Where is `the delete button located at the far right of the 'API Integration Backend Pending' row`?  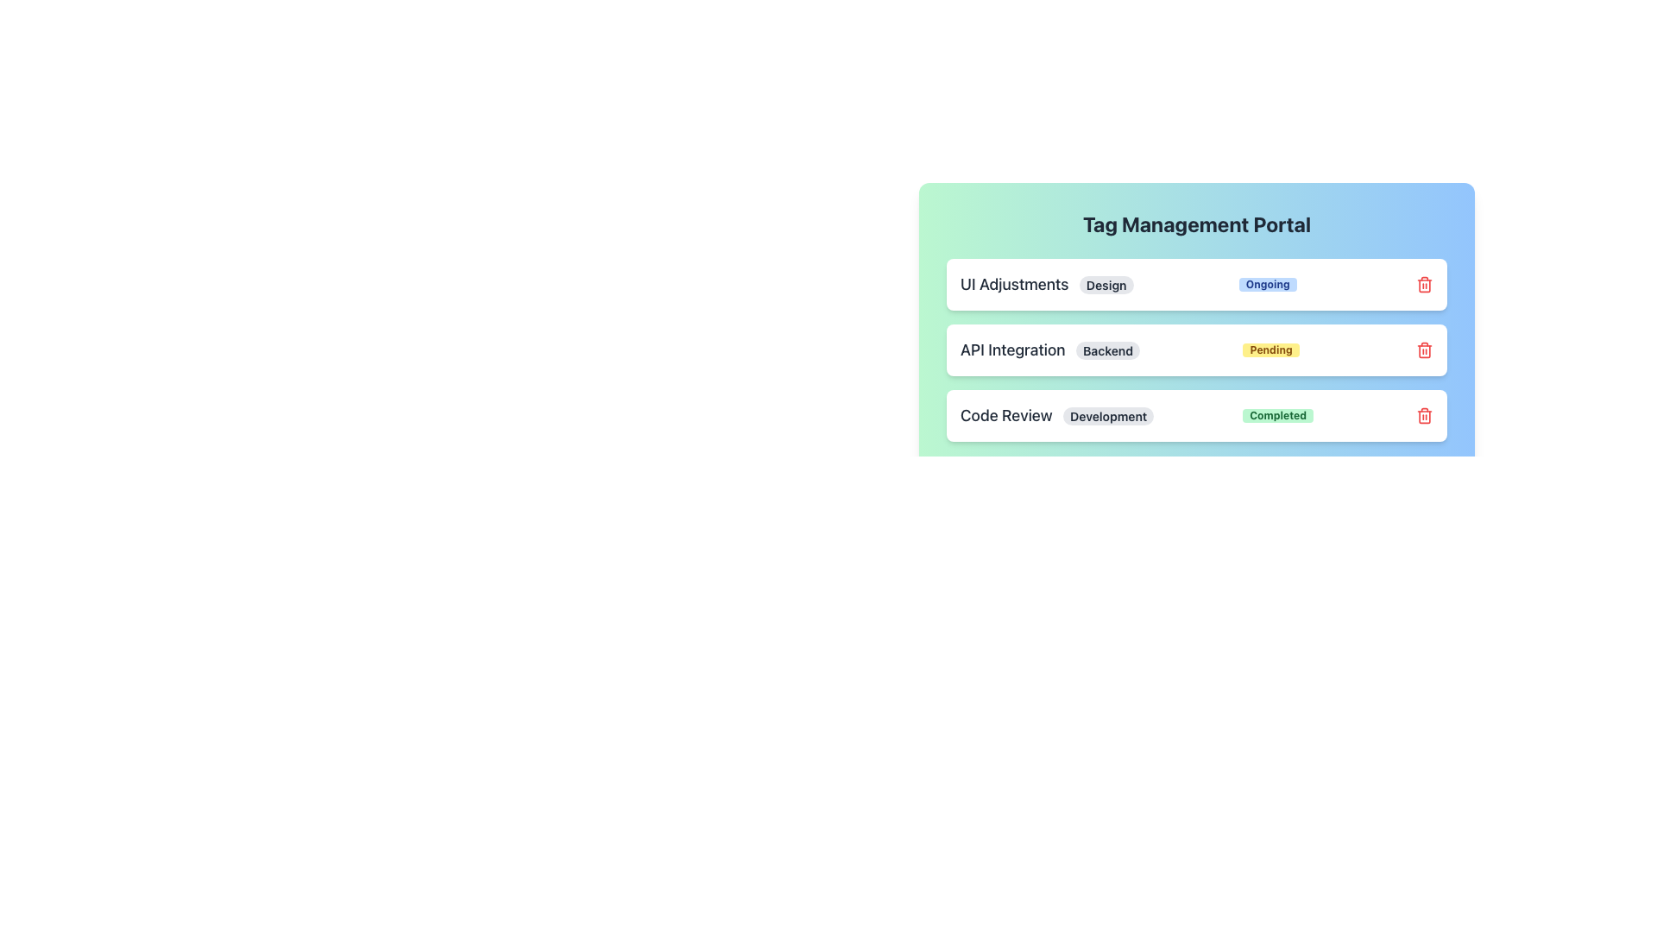 the delete button located at the far right of the 'API Integration Backend Pending' row is located at coordinates (1425, 349).